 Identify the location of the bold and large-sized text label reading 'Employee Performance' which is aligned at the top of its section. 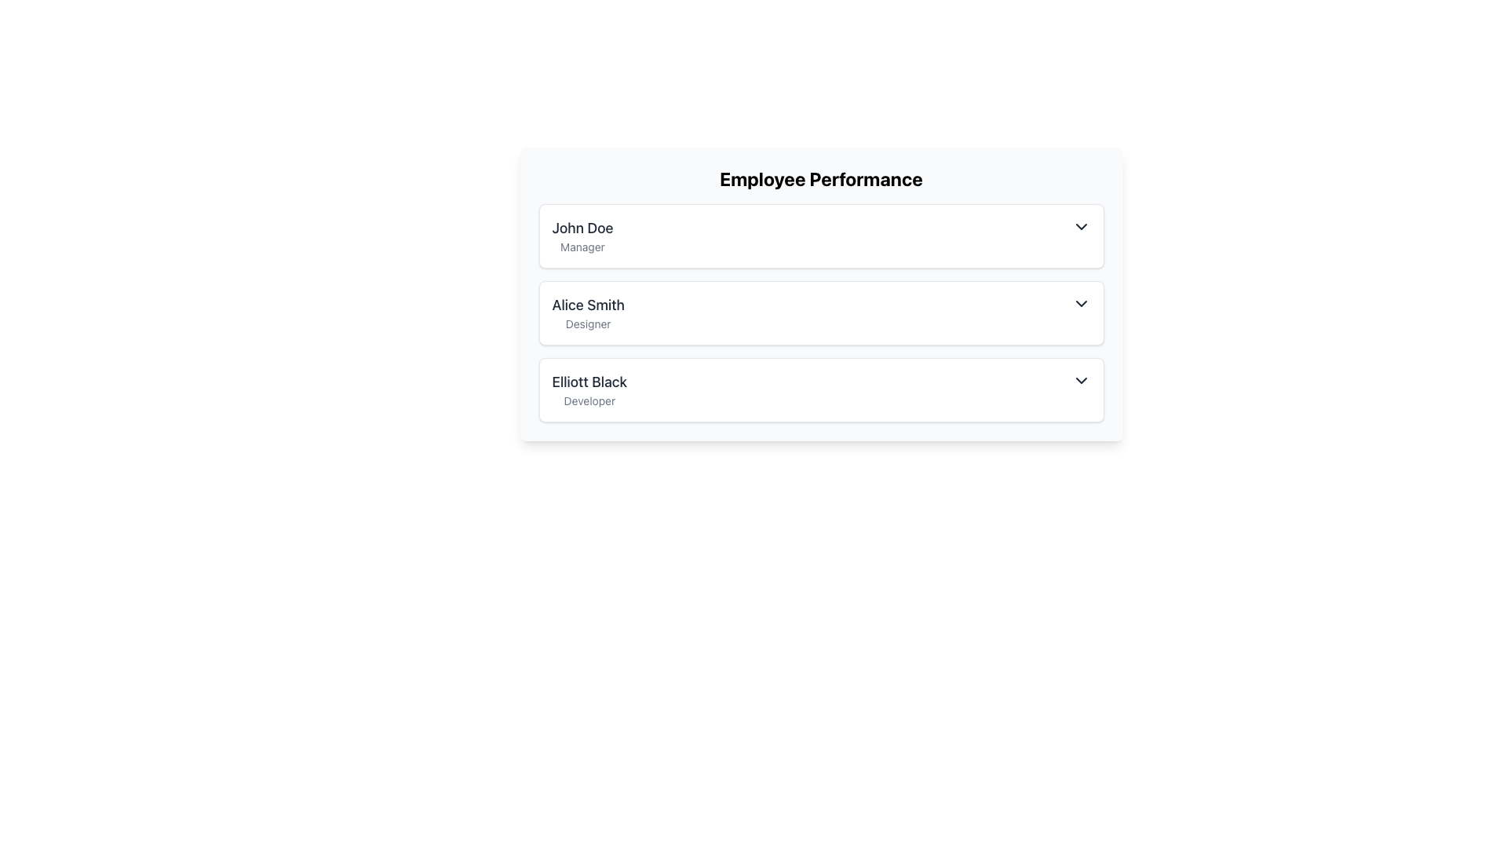
(820, 177).